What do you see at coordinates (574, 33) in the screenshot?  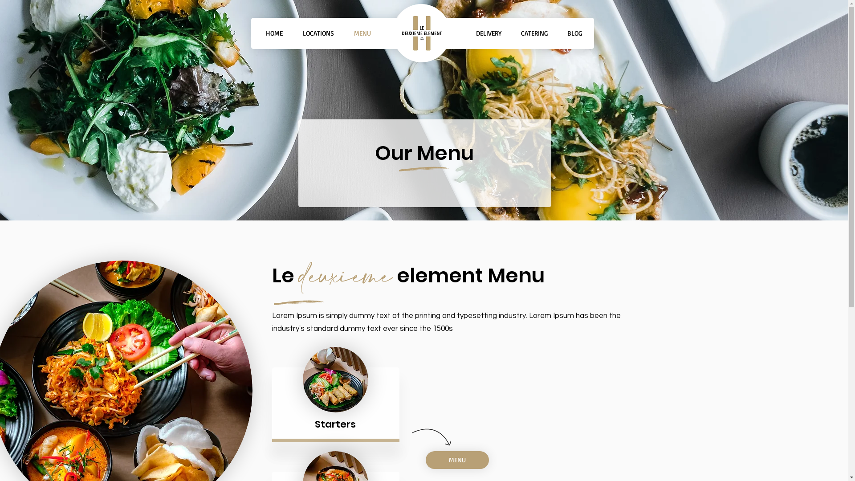 I see `'BLOG'` at bounding box center [574, 33].